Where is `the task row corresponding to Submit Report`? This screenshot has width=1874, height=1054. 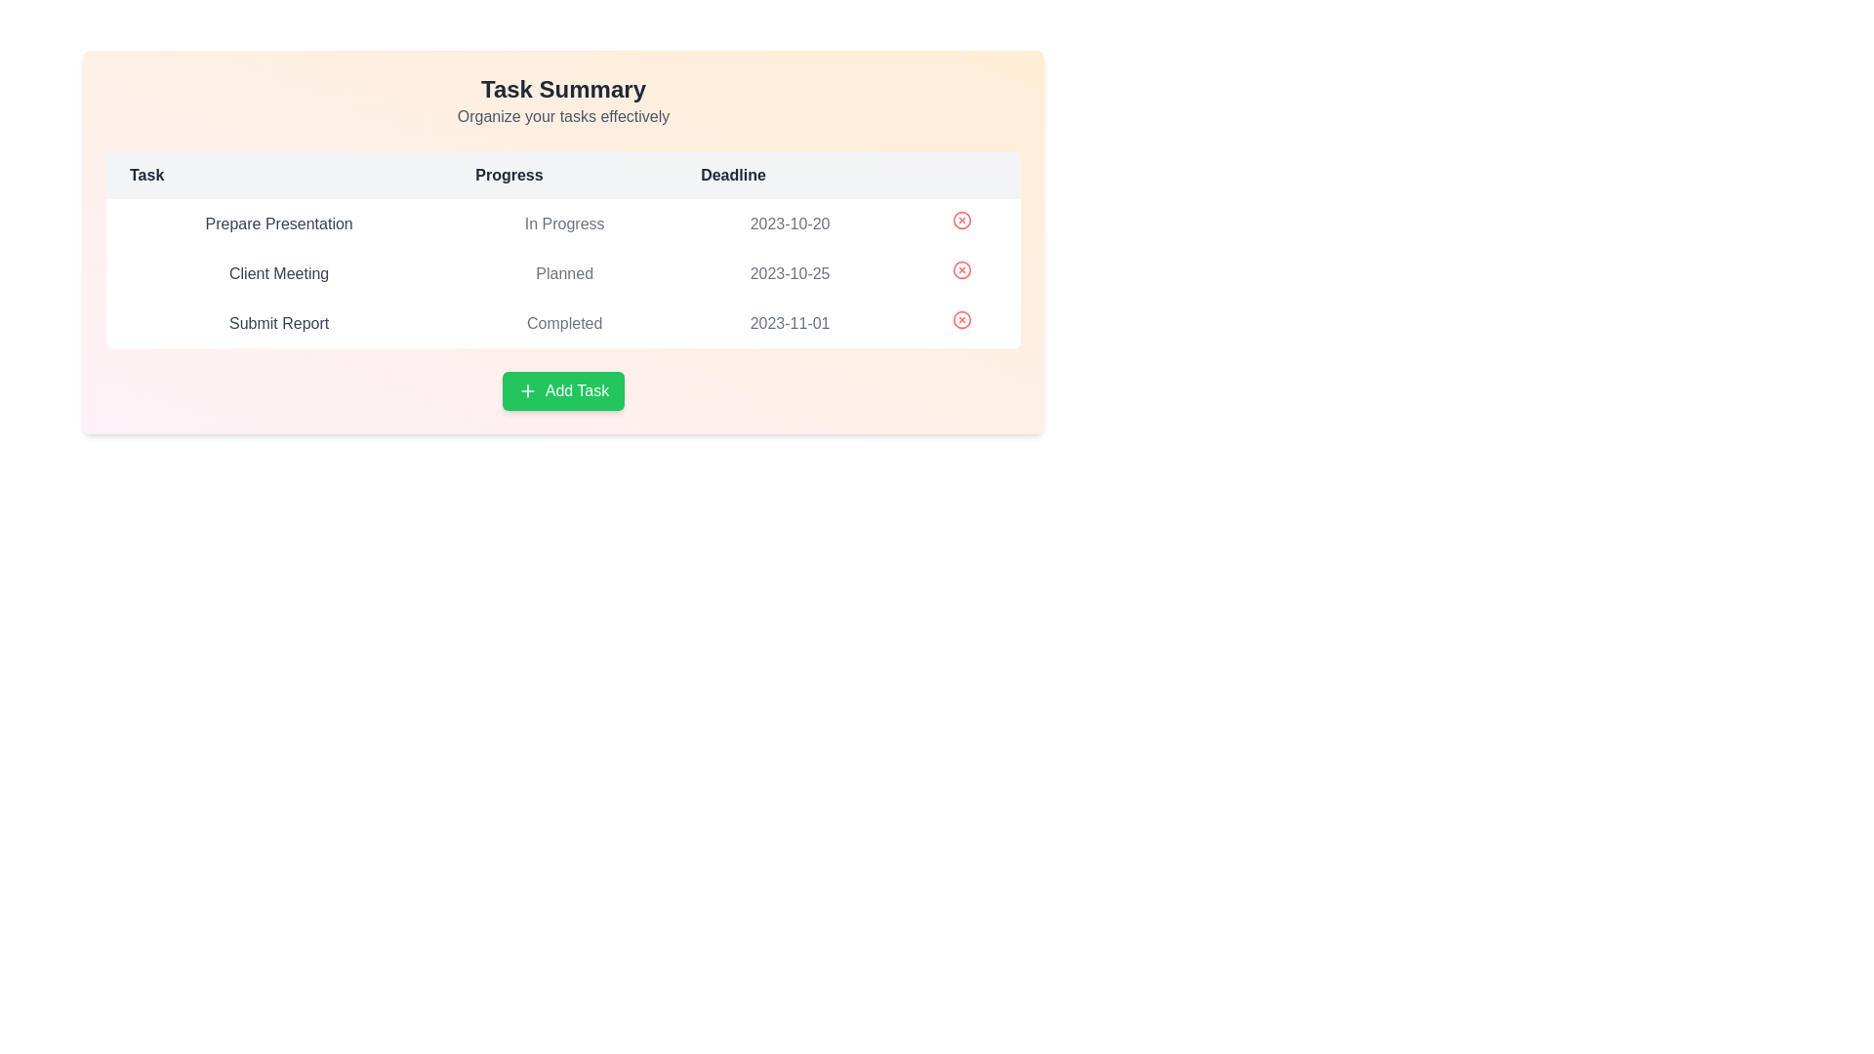
the task row corresponding to Submit Report is located at coordinates (562, 322).